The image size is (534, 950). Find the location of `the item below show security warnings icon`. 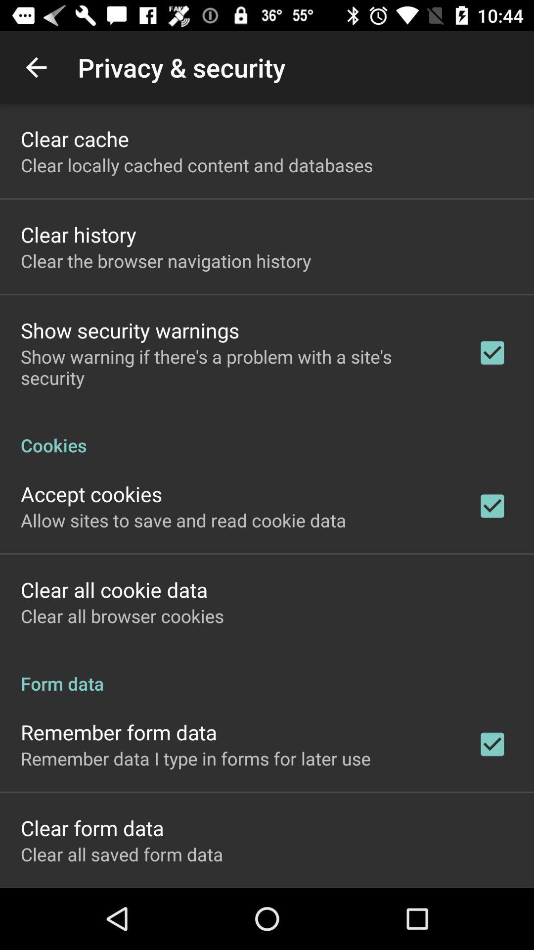

the item below show security warnings icon is located at coordinates (236, 367).